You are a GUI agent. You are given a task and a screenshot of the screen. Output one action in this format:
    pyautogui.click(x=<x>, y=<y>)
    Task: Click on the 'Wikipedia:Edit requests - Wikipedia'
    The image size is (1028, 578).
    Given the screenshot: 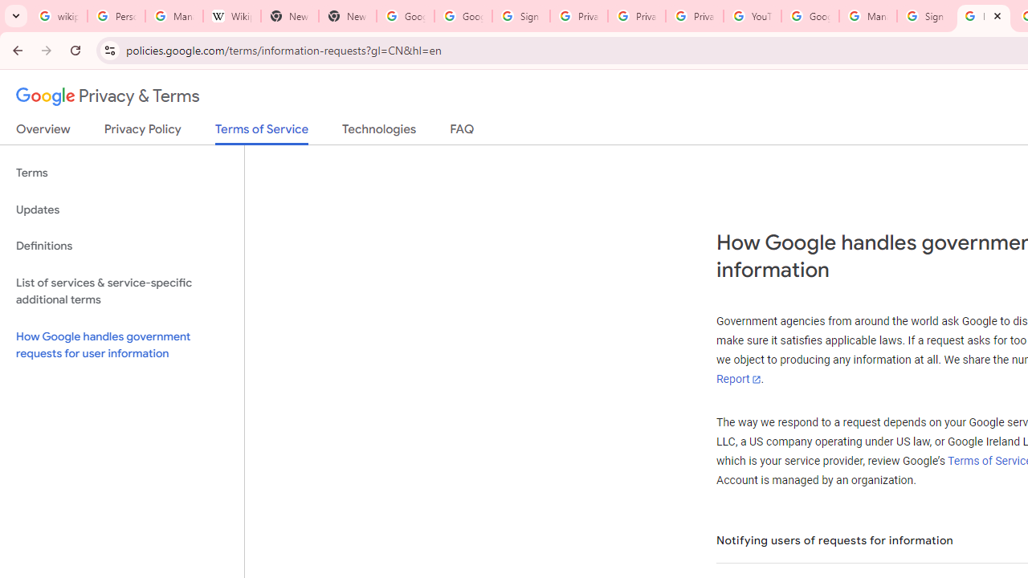 What is the action you would take?
    pyautogui.click(x=231, y=16)
    